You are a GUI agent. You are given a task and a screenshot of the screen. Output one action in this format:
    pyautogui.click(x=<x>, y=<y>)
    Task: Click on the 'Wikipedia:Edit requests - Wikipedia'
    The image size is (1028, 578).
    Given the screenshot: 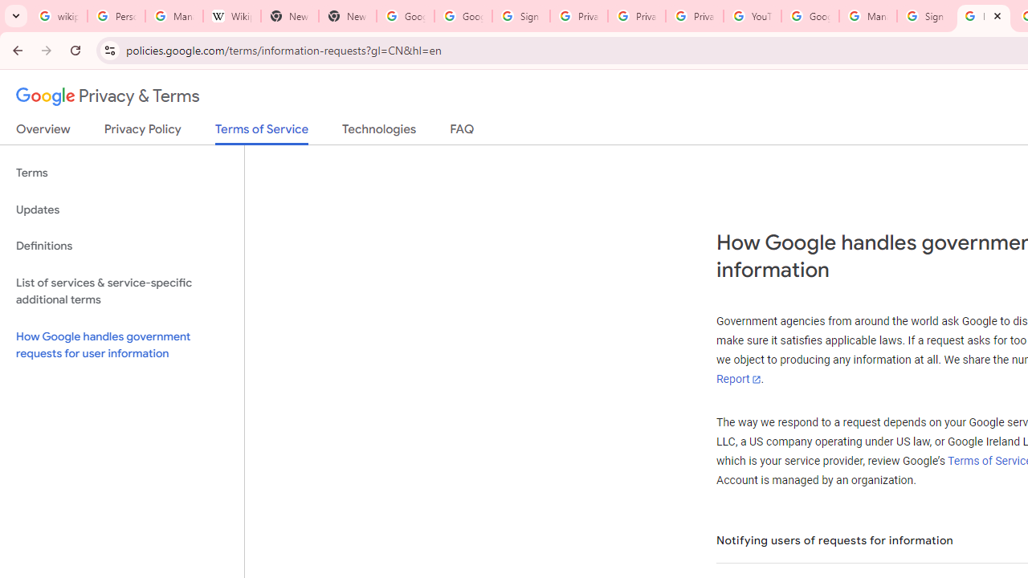 What is the action you would take?
    pyautogui.click(x=231, y=16)
    